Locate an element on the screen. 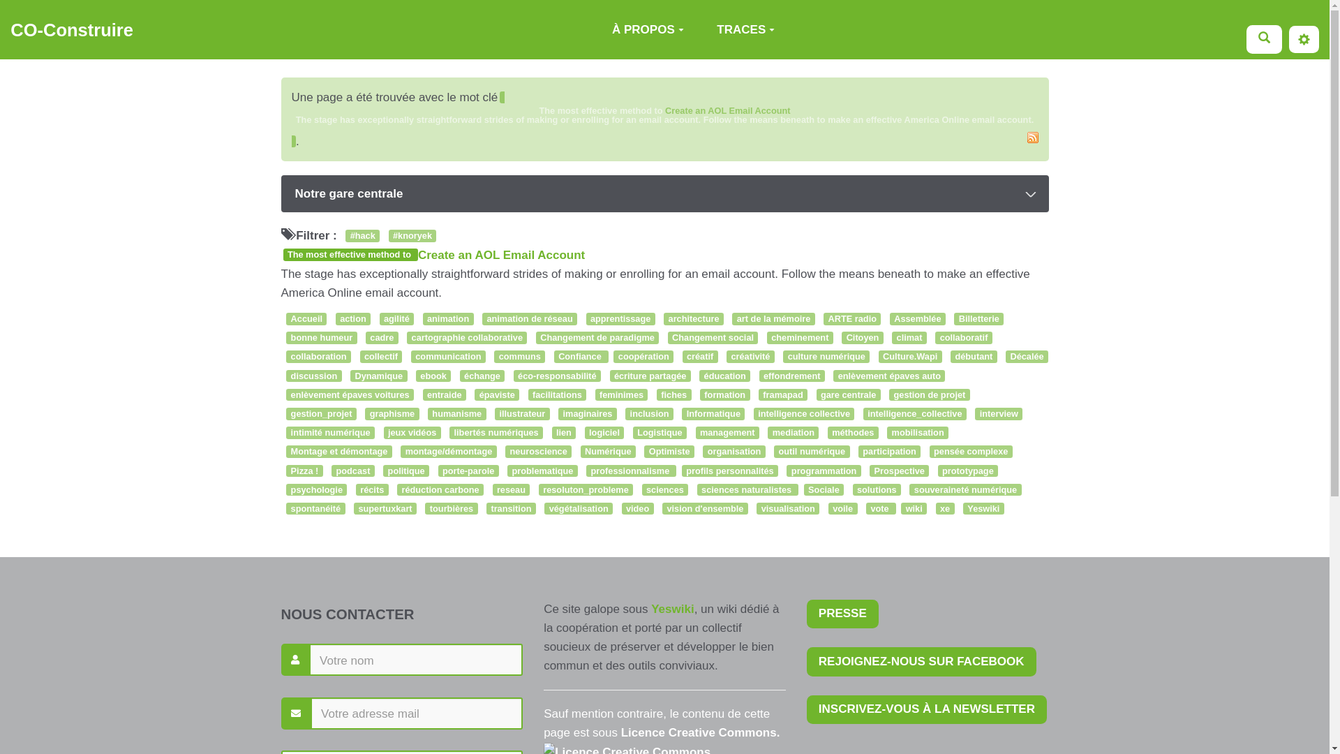 This screenshot has height=754, width=1340. 'supertuxkart' is located at coordinates (385, 509).